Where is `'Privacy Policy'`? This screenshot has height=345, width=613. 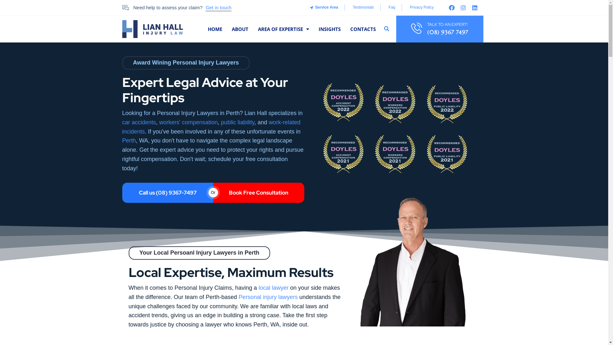 'Privacy Policy' is located at coordinates (408, 7).